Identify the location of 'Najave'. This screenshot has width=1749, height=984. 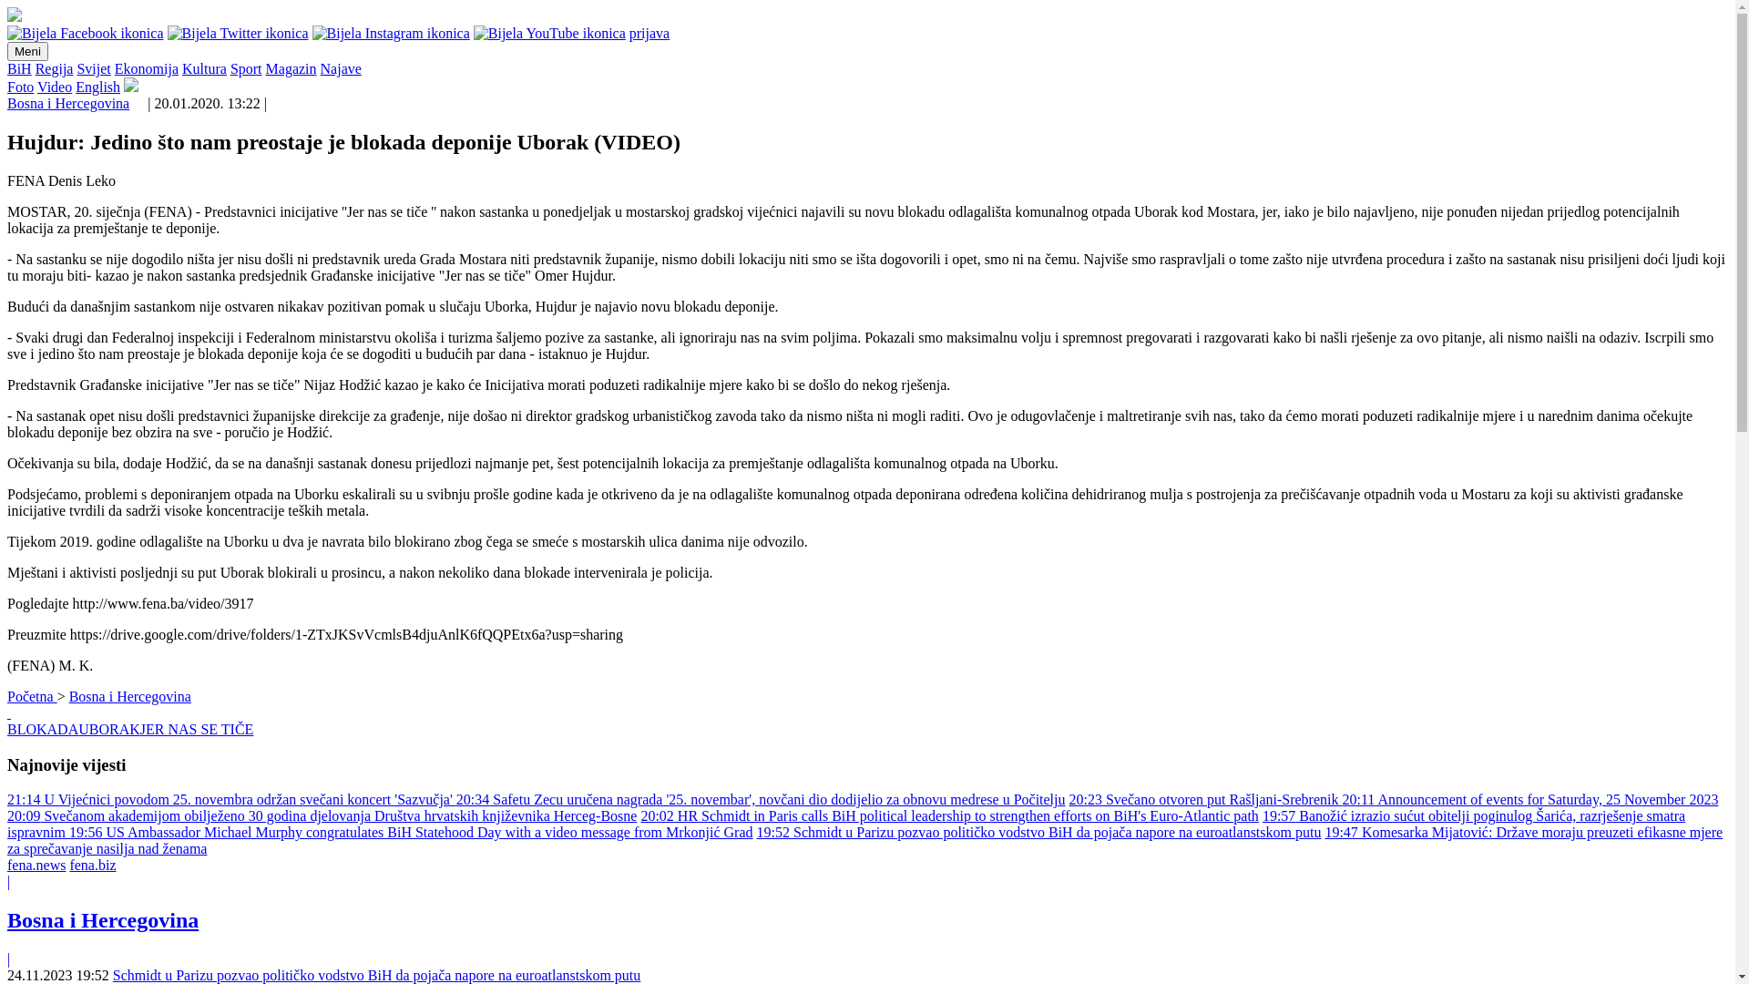
(341, 67).